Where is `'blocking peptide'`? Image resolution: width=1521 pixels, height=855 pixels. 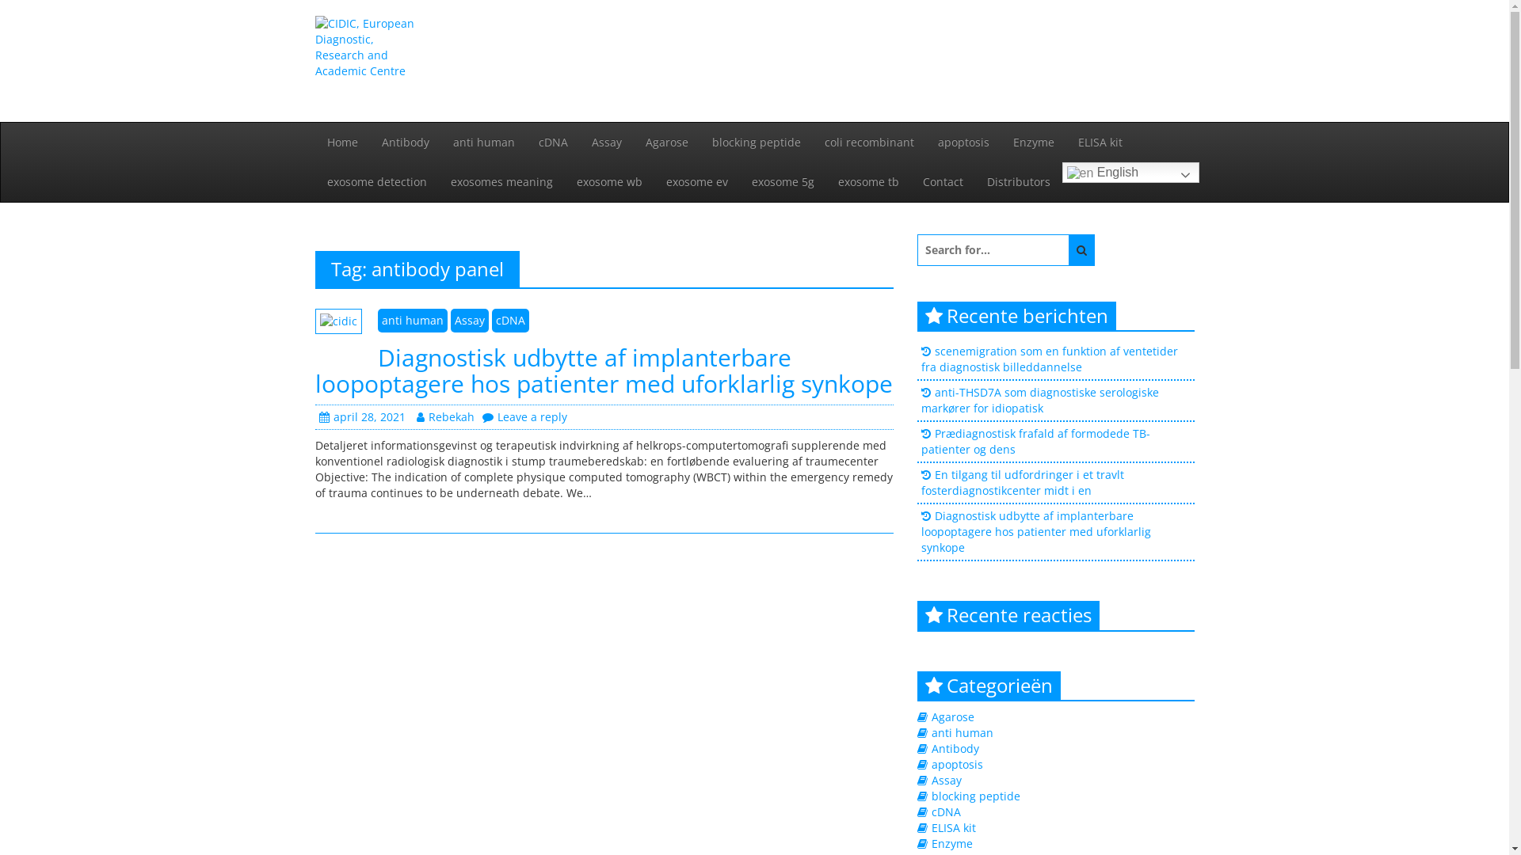
'blocking peptide' is located at coordinates (975, 796).